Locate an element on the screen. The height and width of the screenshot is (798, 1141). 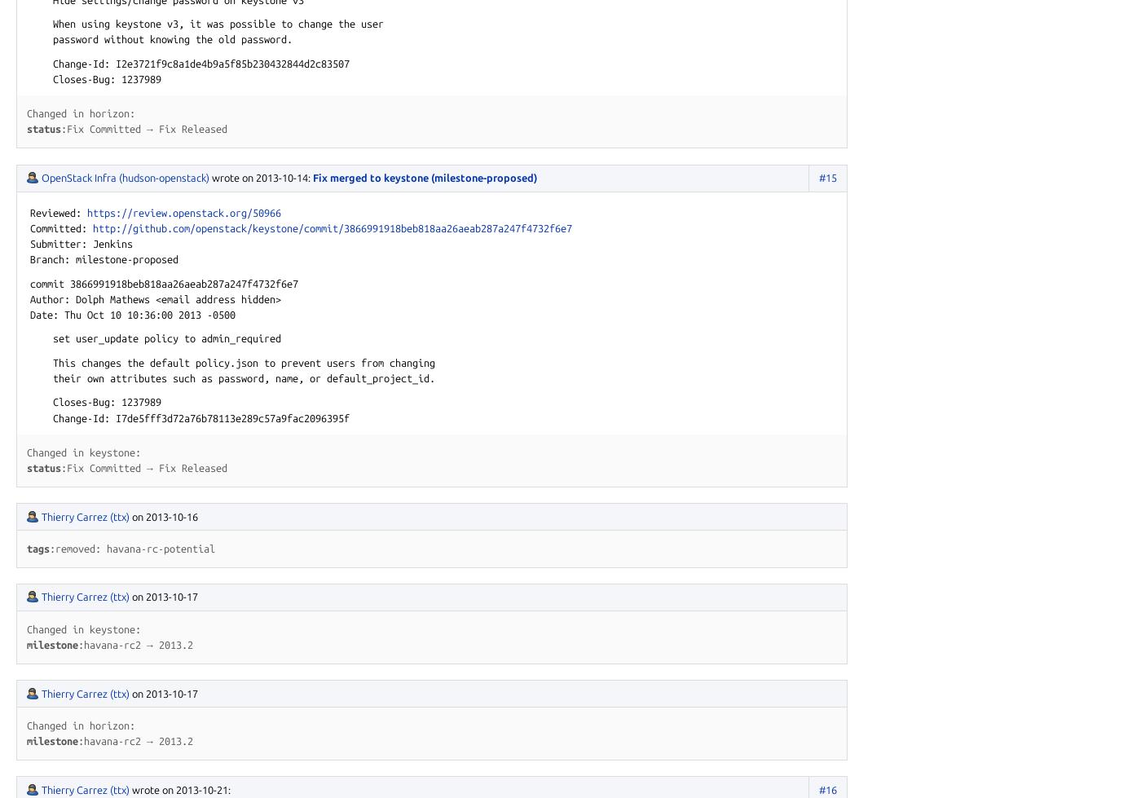
'#16' is located at coordinates (819, 788).